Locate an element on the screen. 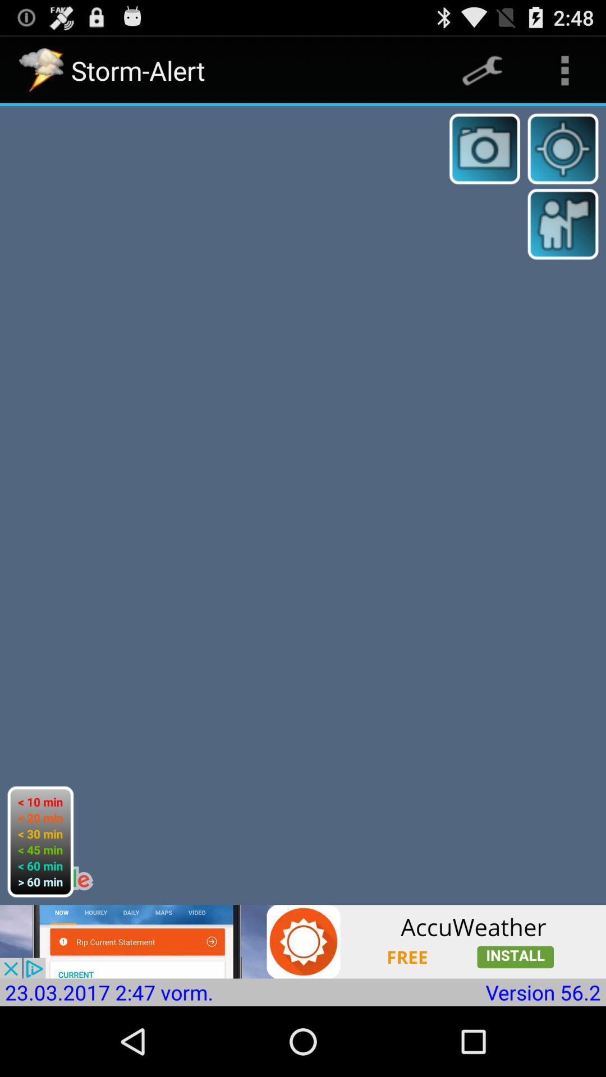 The width and height of the screenshot is (606, 1077). locate with gps is located at coordinates (563, 148).